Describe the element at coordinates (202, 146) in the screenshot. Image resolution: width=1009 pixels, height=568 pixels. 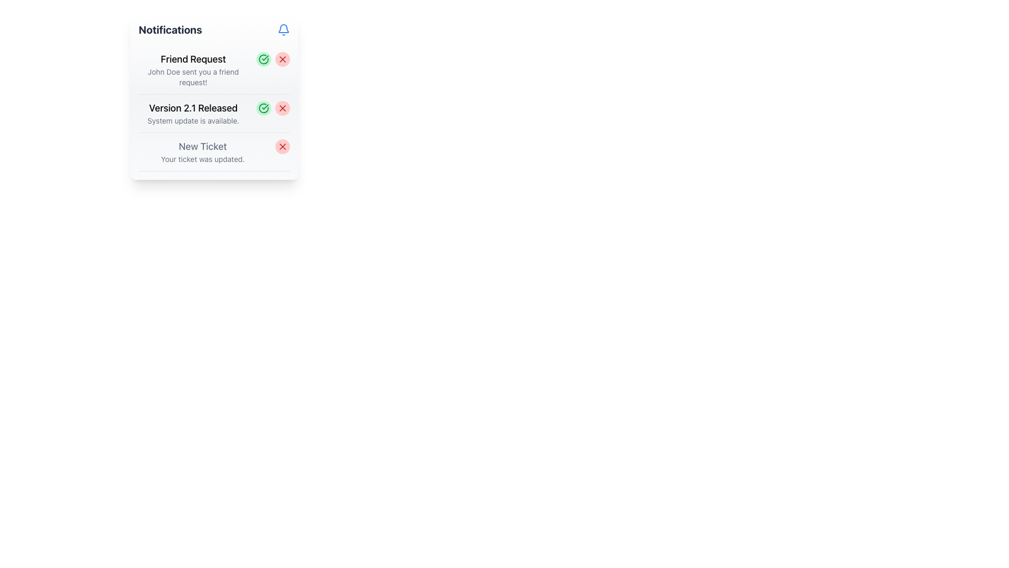
I see `the title label of the third notification item in the notifications panel, which is located between the second notification 'Version 2.1 Released' and the description 'Your ticket was updated.'` at that location.